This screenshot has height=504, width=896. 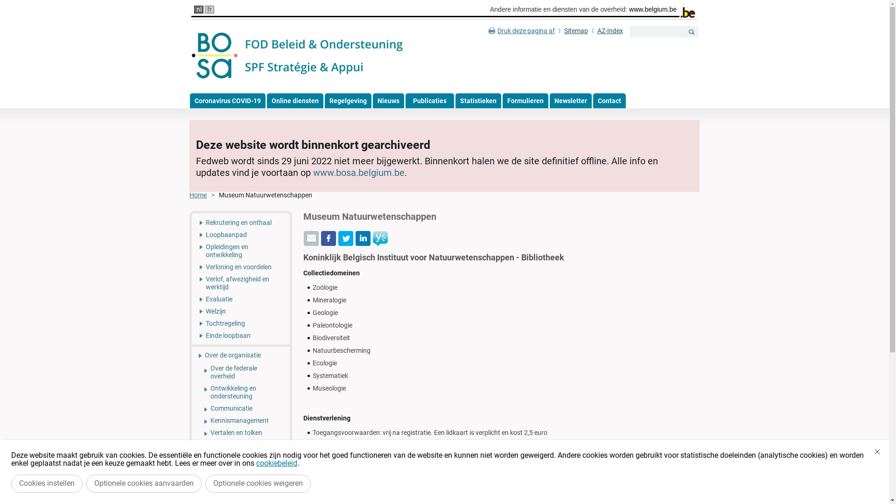 What do you see at coordinates (258, 483) in the screenshot?
I see `'Optionele cookies weigeren'` at bounding box center [258, 483].